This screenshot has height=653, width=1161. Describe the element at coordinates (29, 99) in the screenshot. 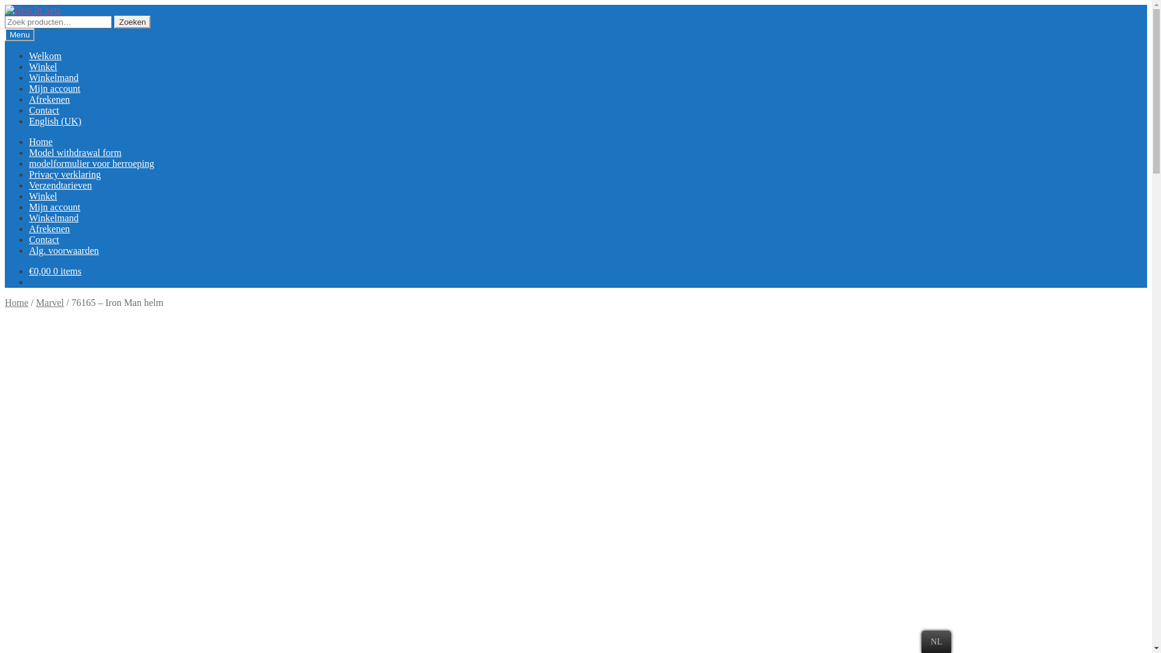

I see `'Afrekenen'` at that location.